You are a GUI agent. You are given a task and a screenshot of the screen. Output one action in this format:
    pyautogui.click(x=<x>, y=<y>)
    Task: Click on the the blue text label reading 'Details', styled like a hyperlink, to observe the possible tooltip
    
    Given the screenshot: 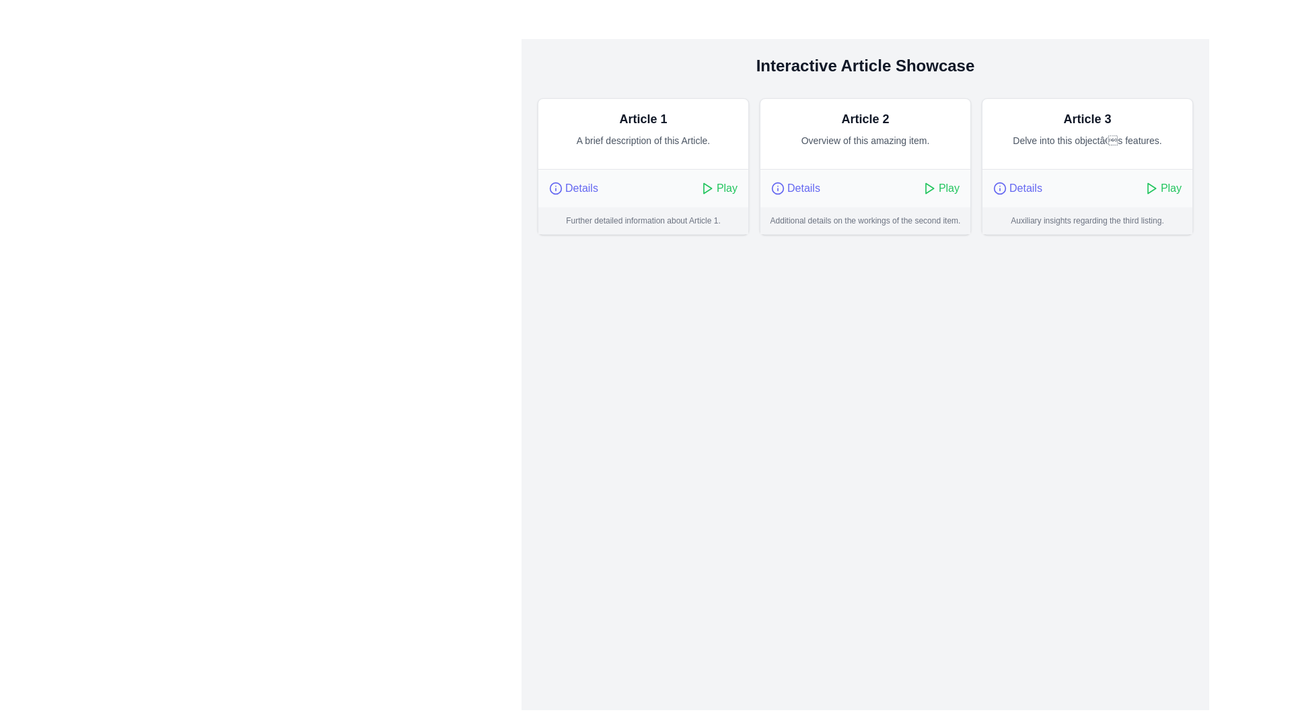 What is the action you would take?
    pyautogui.click(x=1025, y=188)
    